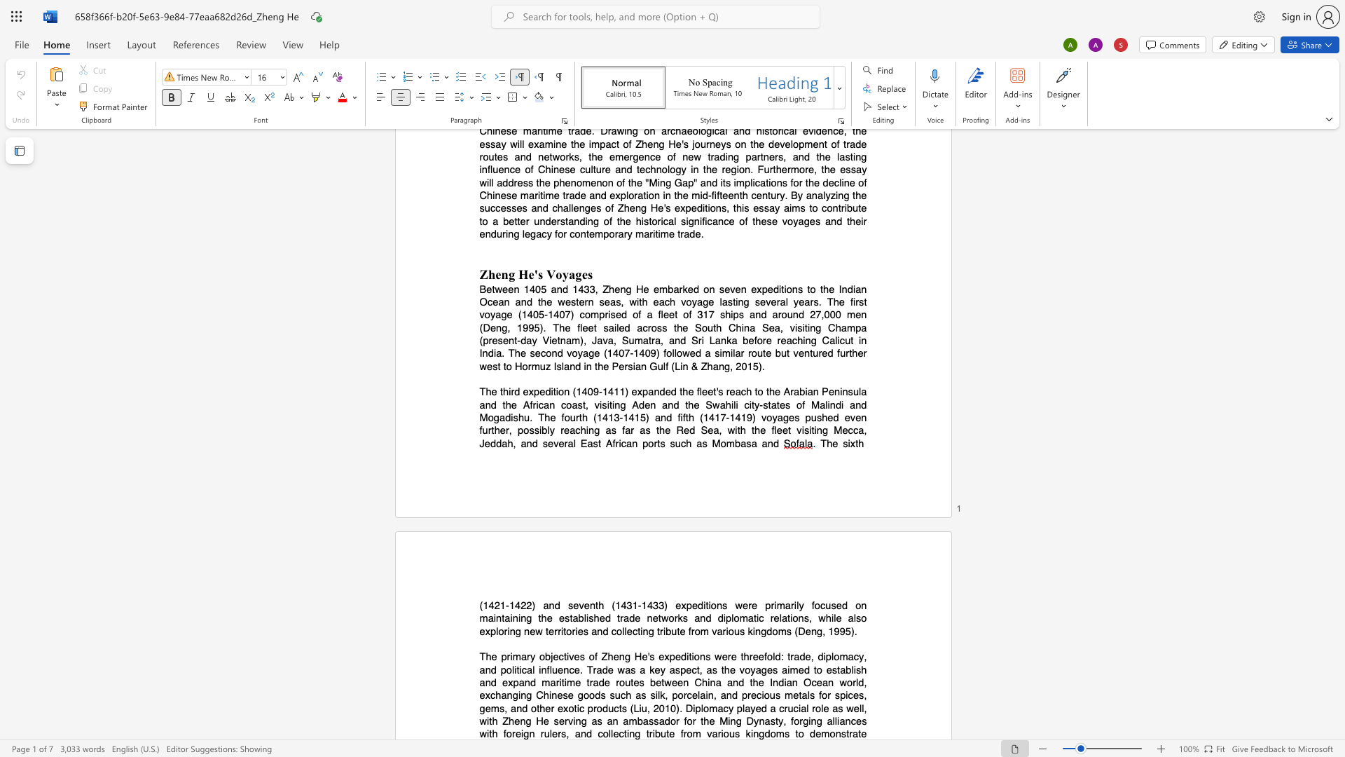 The image size is (1345, 757). Describe the element at coordinates (519, 721) in the screenshot. I see `the subset text "ng He serving as an ambassador for the Ming Dynasty, forging alliances with foreign rulers," within the text "and expand maritime trade routes between China and the Indian Ocean world, exchanging Chinese goods such as silk, porcelain, and precious metals for spices, gems, and other exotic products (Liu, 2010). Diplomacy played a crucial role as well, with Zheng He serving as an ambassador for the Ming Dynasty, forging alliances with foreign rulers, and collecting tribute from various kingdoms to"` at that location.